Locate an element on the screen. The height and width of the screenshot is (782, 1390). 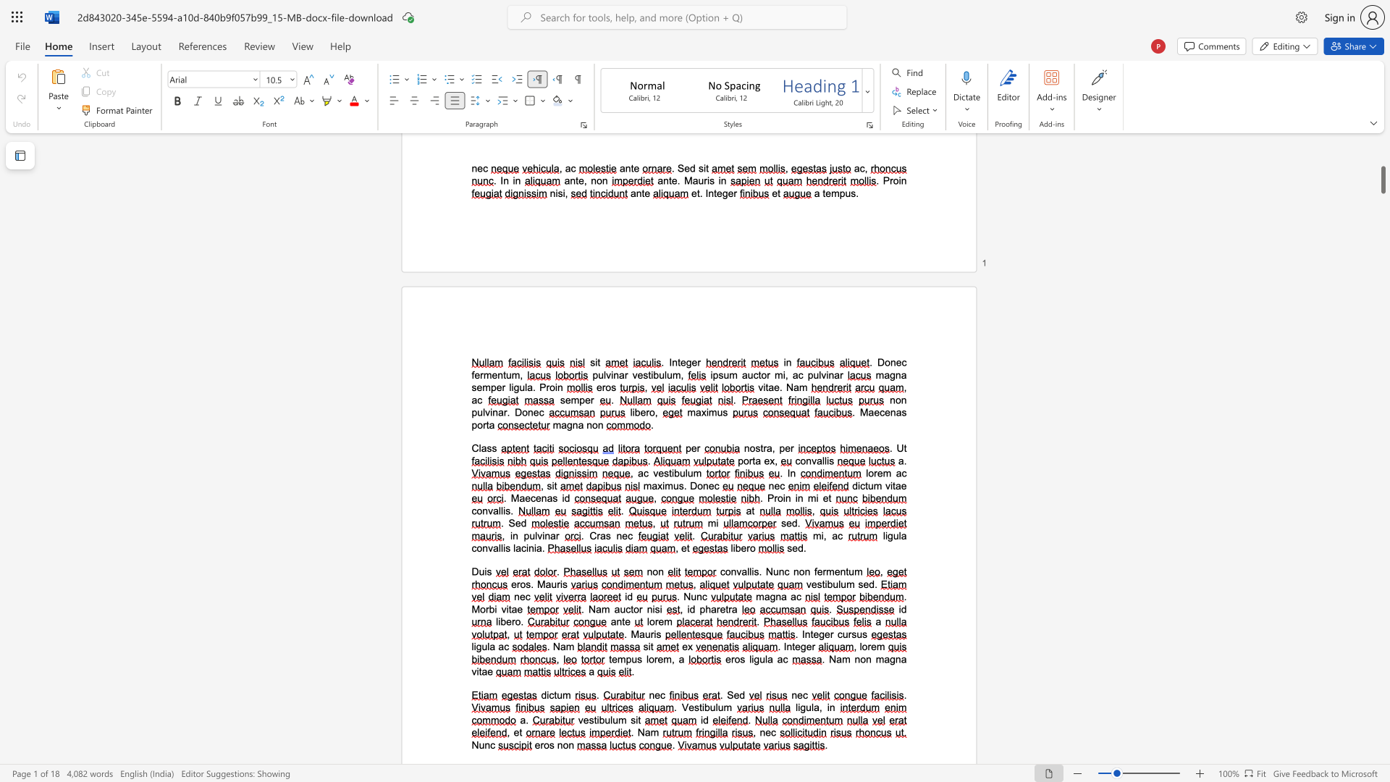
the 2th character "u" in the text is located at coordinates (720, 707).